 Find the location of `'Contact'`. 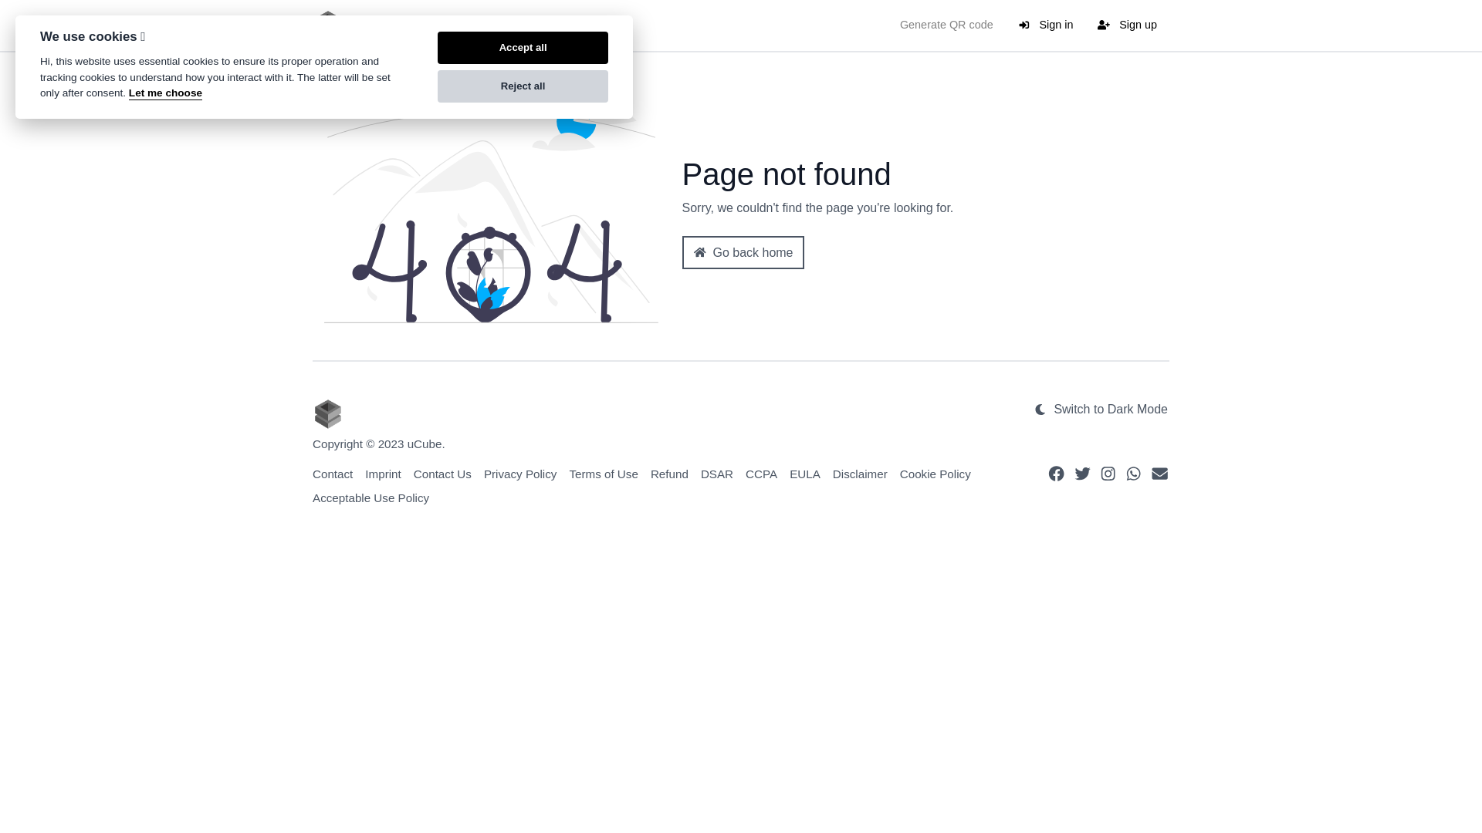

'Contact' is located at coordinates (311, 473).